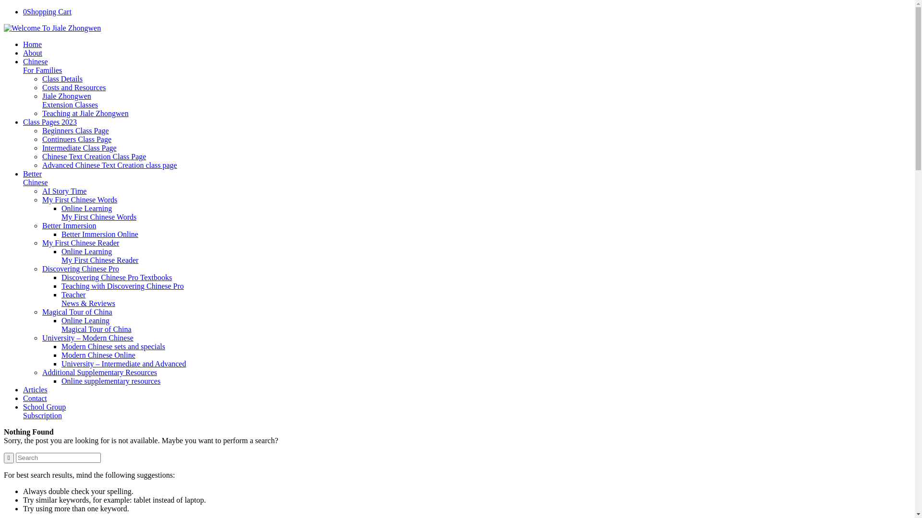 This screenshot has width=922, height=518. Describe the element at coordinates (79, 148) in the screenshot. I see `'Intermediate Class Page'` at that location.